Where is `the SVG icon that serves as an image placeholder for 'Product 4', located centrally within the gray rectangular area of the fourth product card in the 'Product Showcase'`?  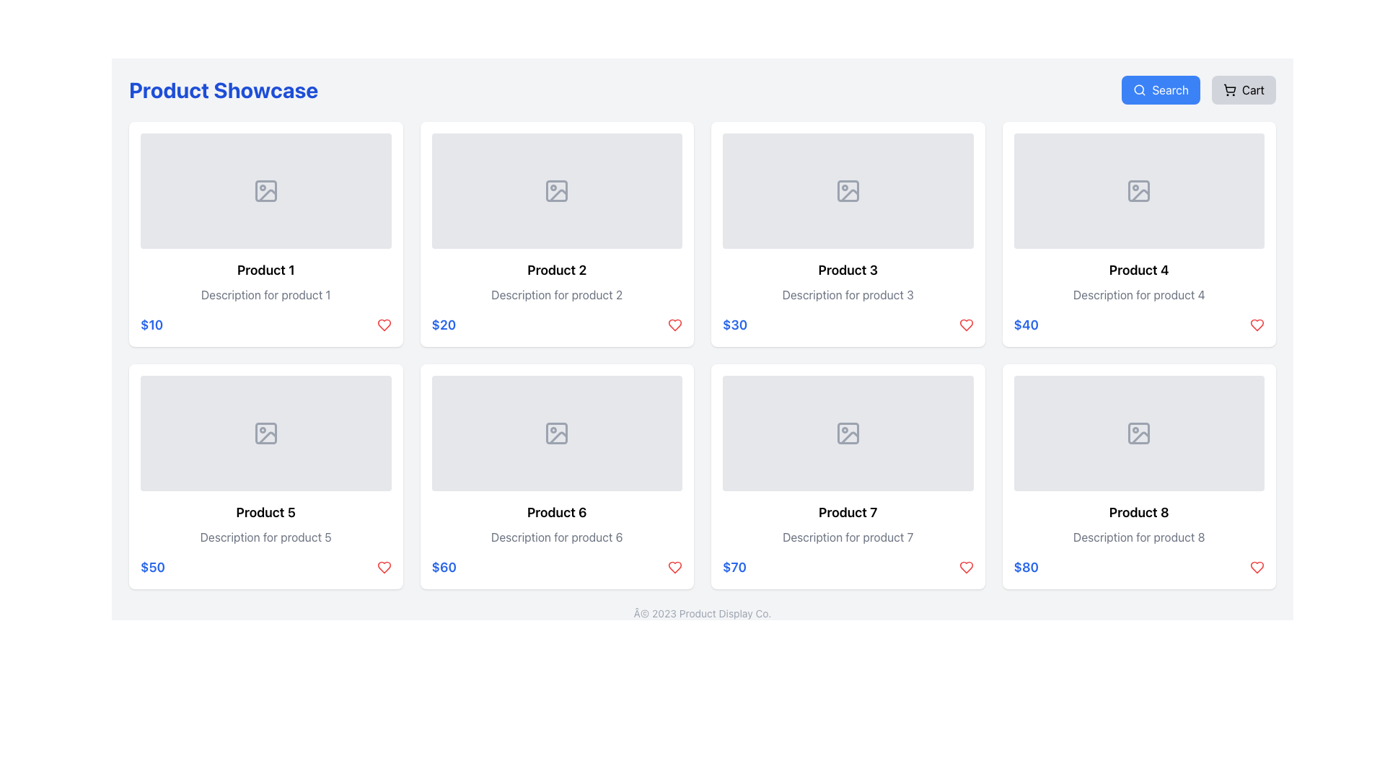
the SVG icon that serves as an image placeholder for 'Product 4', located centrally within the gray rectangular area of the fourth product card in the 'Product Showcase' is located at coordinates (1138, 190).